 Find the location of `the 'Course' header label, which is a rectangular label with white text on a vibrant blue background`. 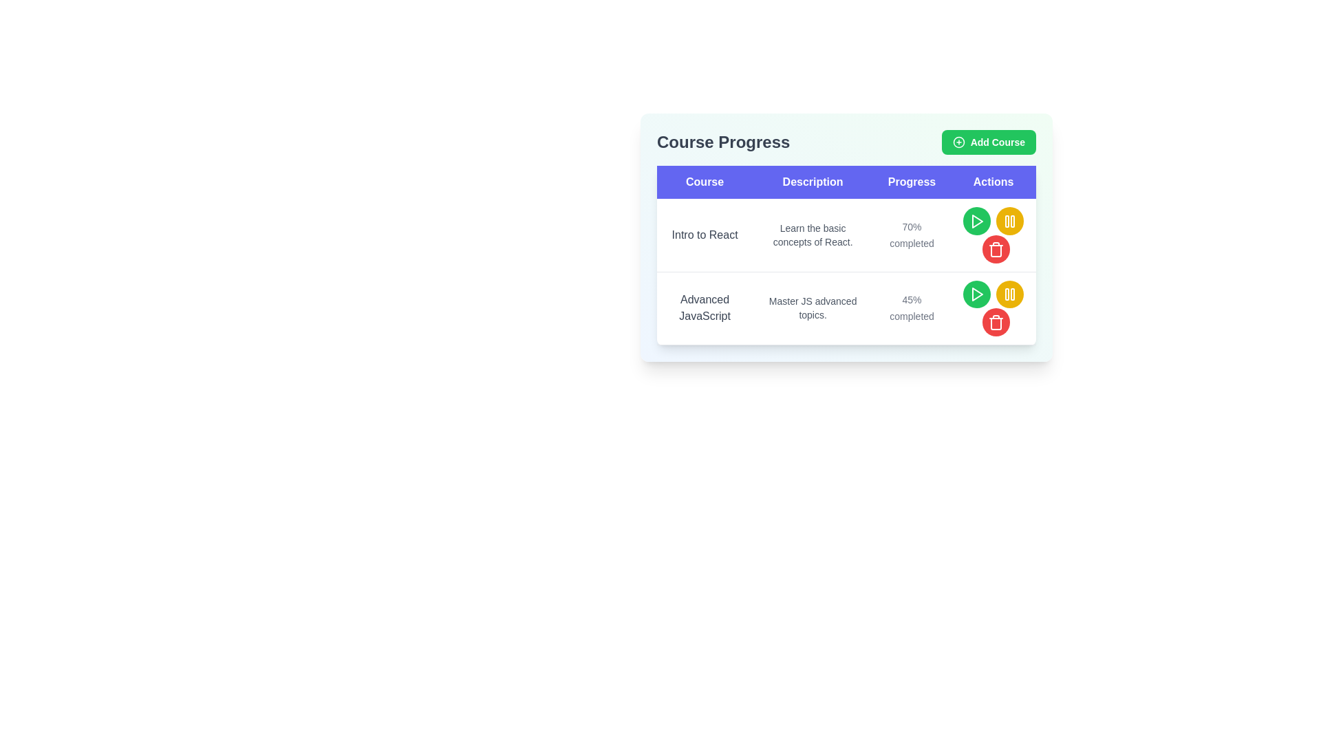

the 'Course' header label, which is a rectangular label with white text on a vibrant blue background is located at coordinates (705, 182).